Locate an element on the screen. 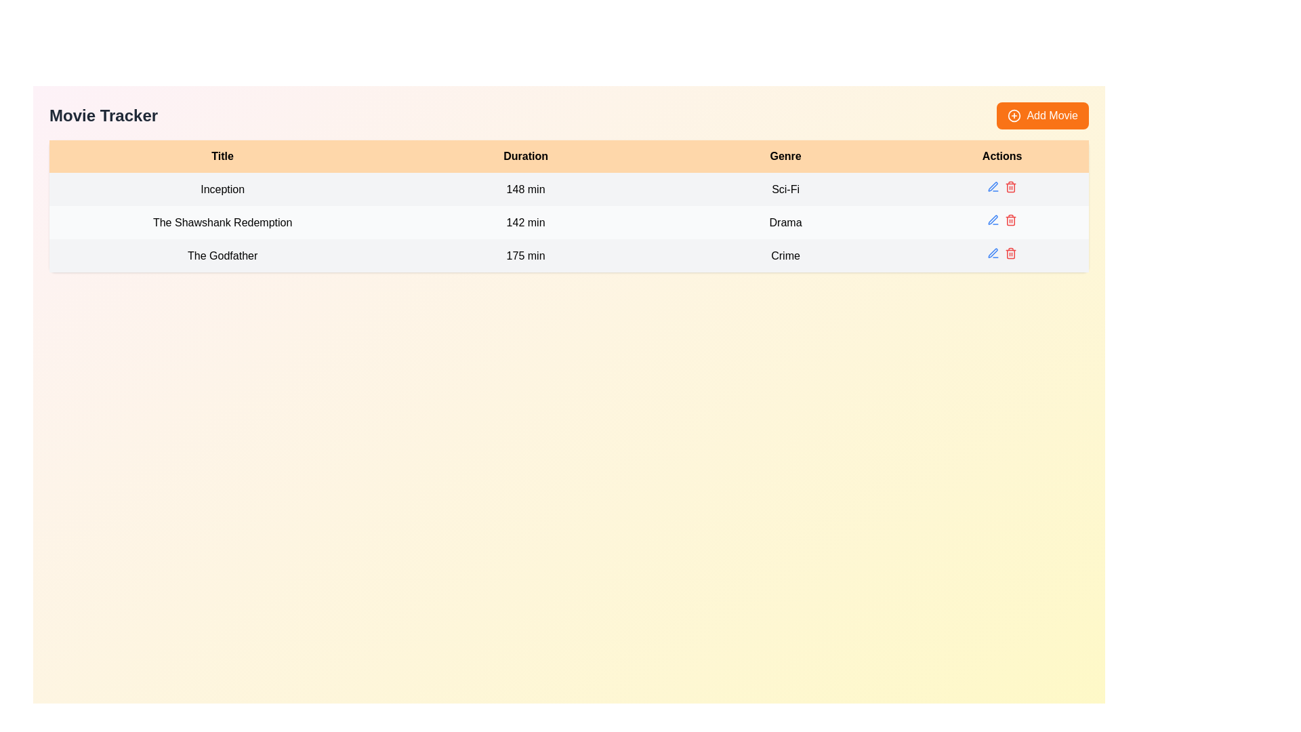 This screenshot has height=732, width=1301. the edit button icon for the entry 'The Godfather' located in the 'Actions' column of the third row is located at coordinates (993, 253).